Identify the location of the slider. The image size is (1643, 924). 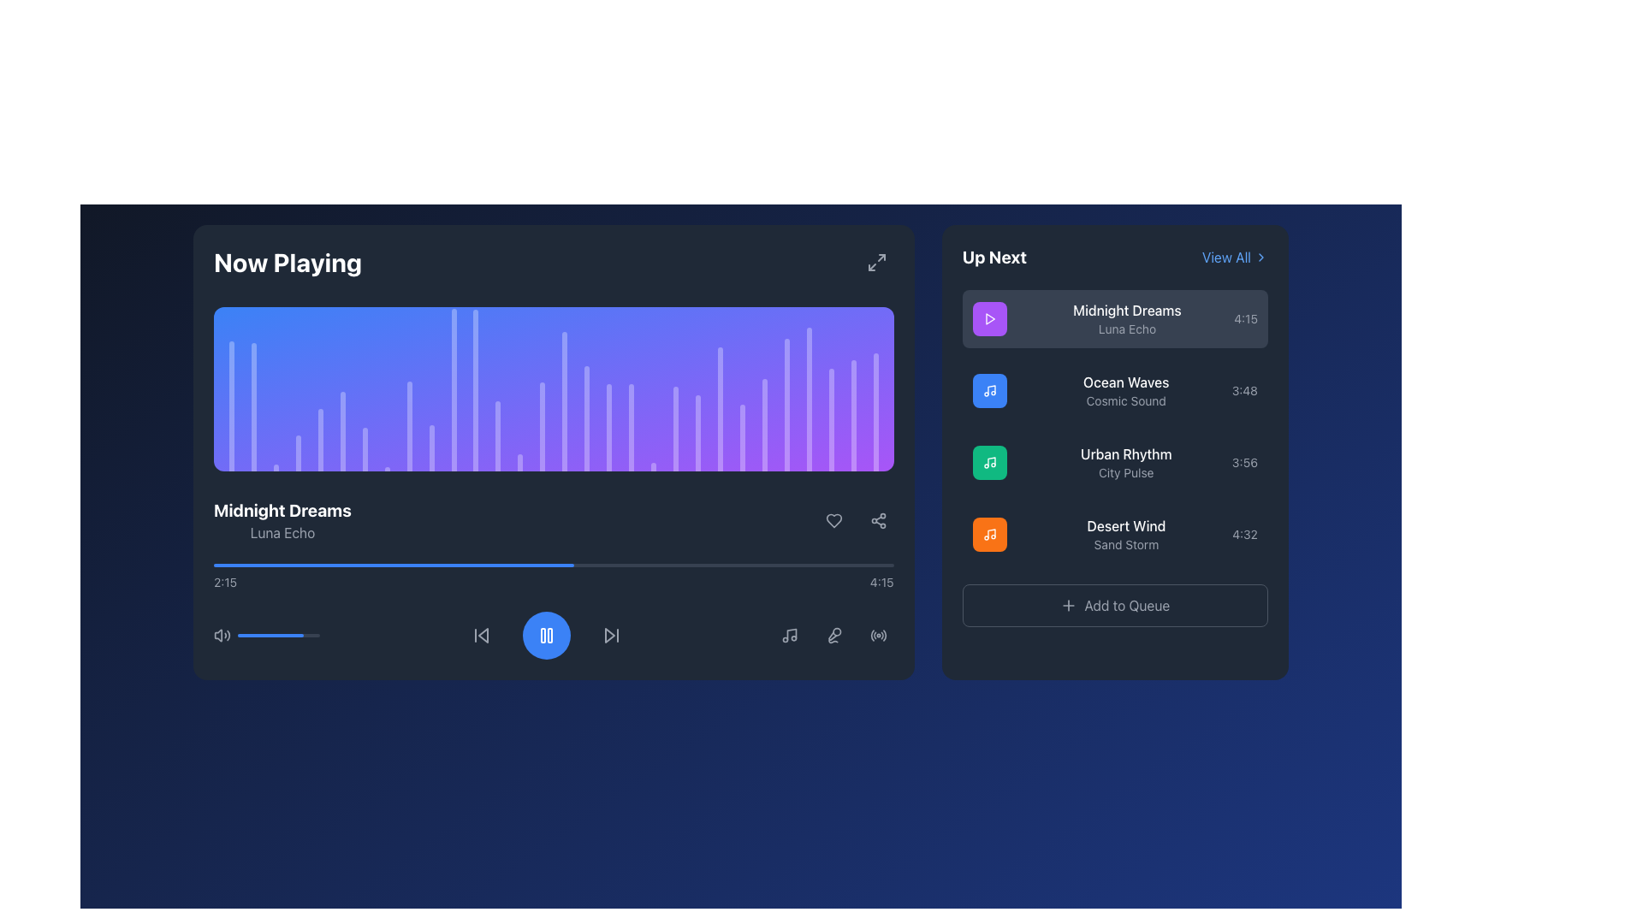
(277, 636).